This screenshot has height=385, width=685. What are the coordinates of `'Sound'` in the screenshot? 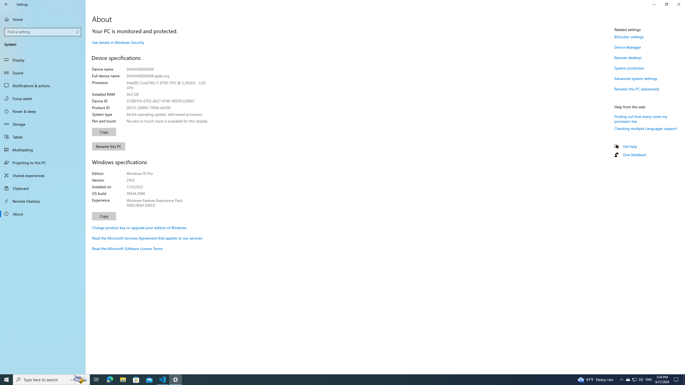 It's located at (43, 72).